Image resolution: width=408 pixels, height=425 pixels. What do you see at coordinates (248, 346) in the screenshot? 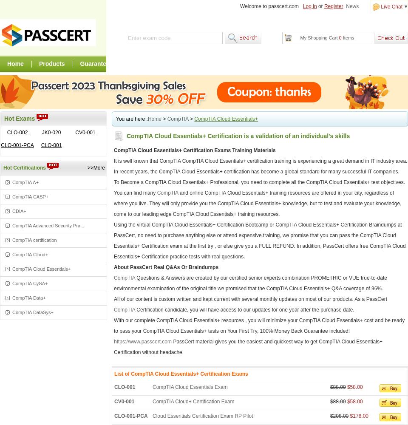
I see `'PassCert material gives you the easiest and quickest way to get CompTIA Cloud Essentials+ Certification without headache.'` at bounding box center [248, 346].